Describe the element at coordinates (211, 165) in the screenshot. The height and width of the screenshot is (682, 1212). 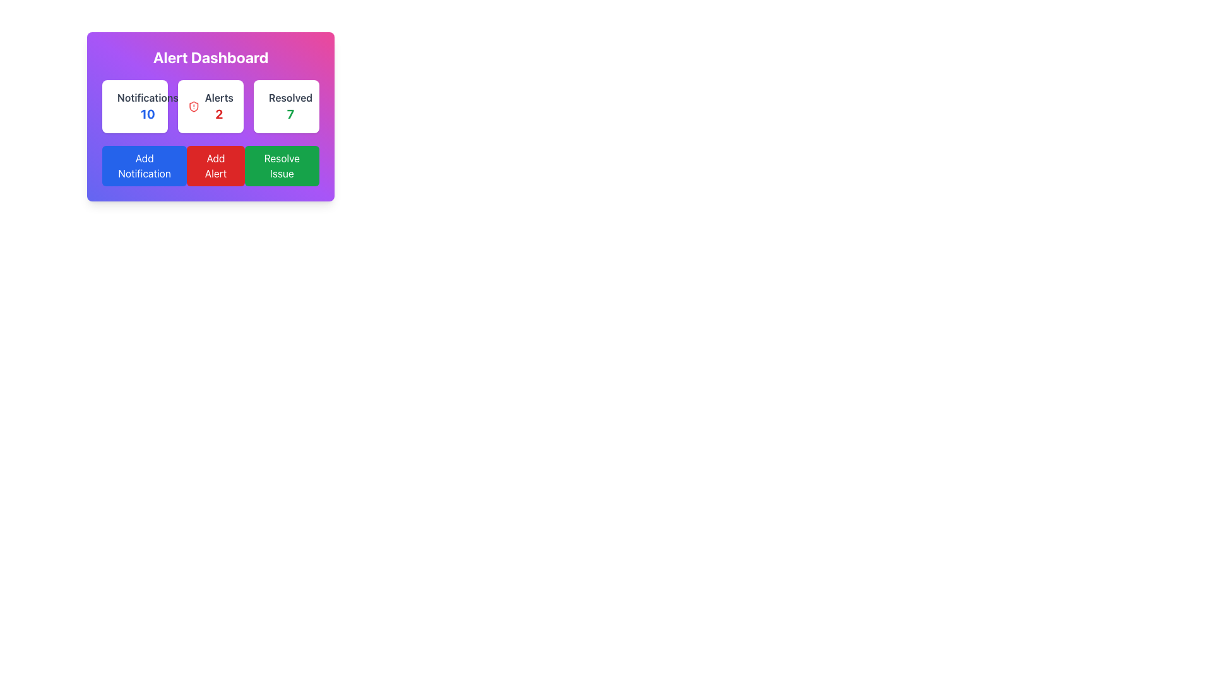
I see `the 'Add Alert' button located in the 'Alert Dashboard' panel to observe the hover effect` at that location.